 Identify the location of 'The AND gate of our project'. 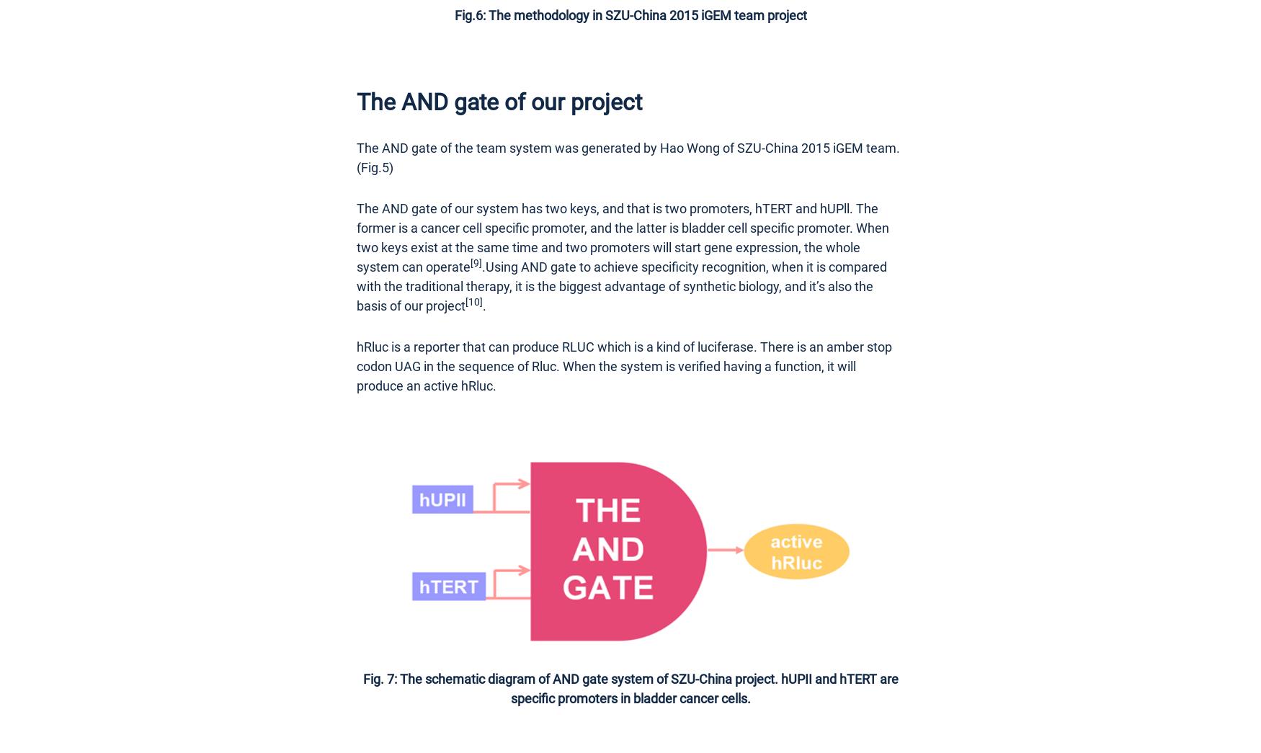
(499, 100).